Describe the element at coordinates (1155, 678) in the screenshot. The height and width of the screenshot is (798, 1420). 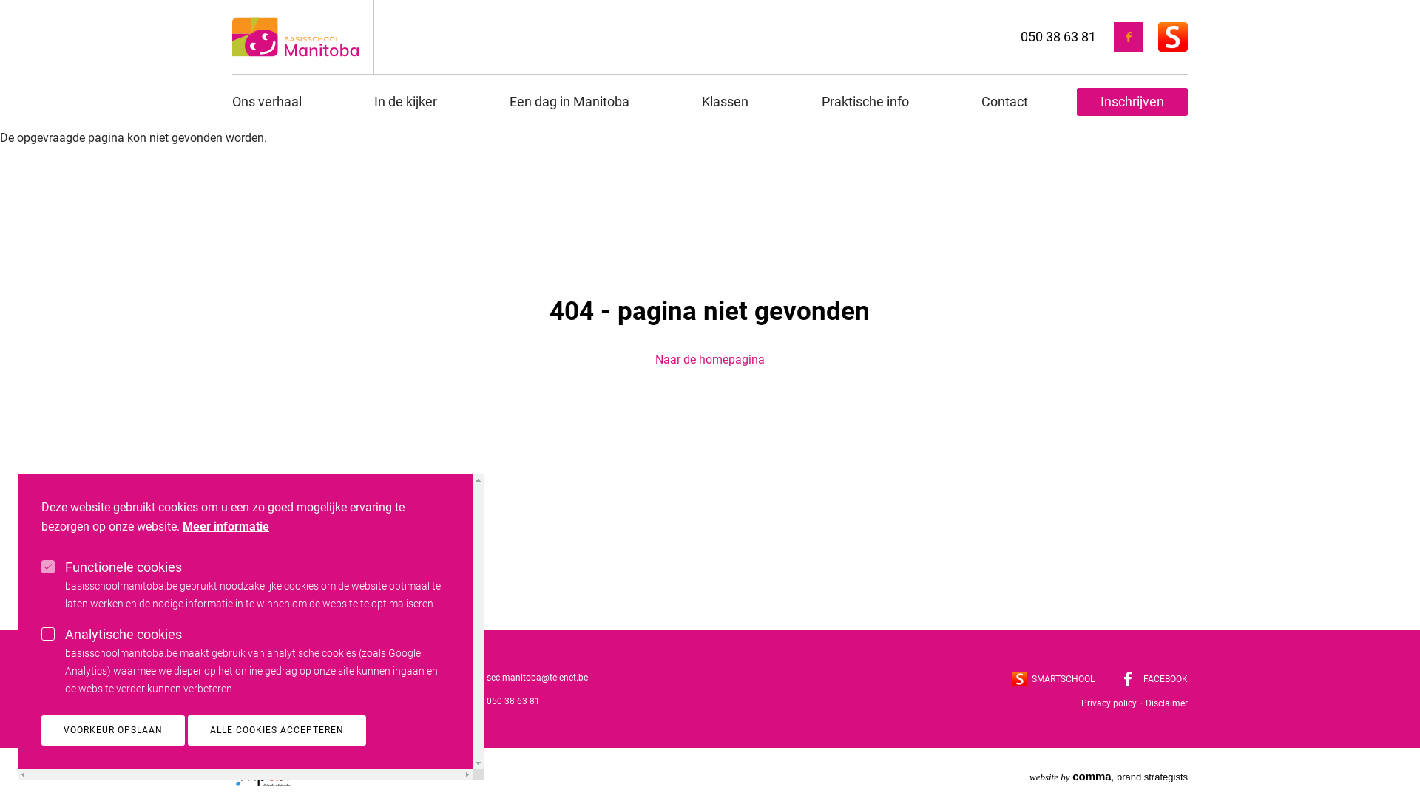
I see `'FACEBOOK'` at that location.